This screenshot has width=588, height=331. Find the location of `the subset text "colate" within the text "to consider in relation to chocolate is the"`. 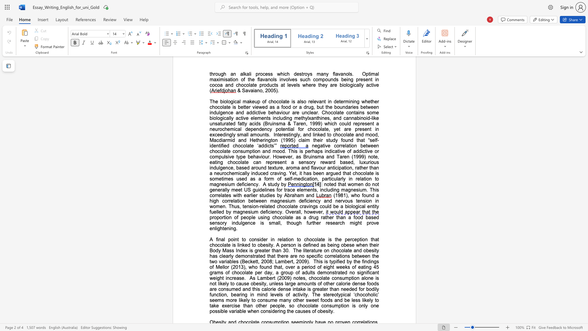

the subset text "colate" within the text "to consider in relation to chocolate is the" is located at coordinates (312, 239).